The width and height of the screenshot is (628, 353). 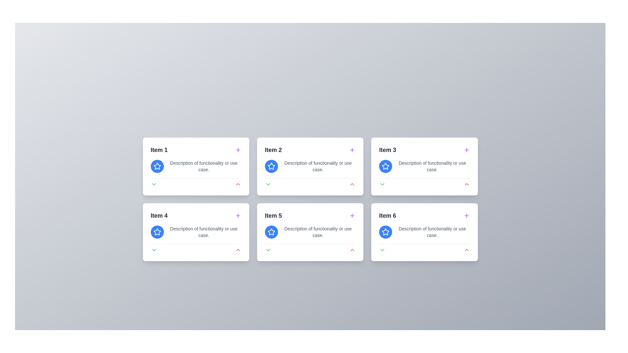 I want to click on the star icon located within the card titled 'Item 3', which is positioned in the second row, third column of a 2x3 grid layout, to observe the tooltip or visual feedback, so click(x=386, y=166).